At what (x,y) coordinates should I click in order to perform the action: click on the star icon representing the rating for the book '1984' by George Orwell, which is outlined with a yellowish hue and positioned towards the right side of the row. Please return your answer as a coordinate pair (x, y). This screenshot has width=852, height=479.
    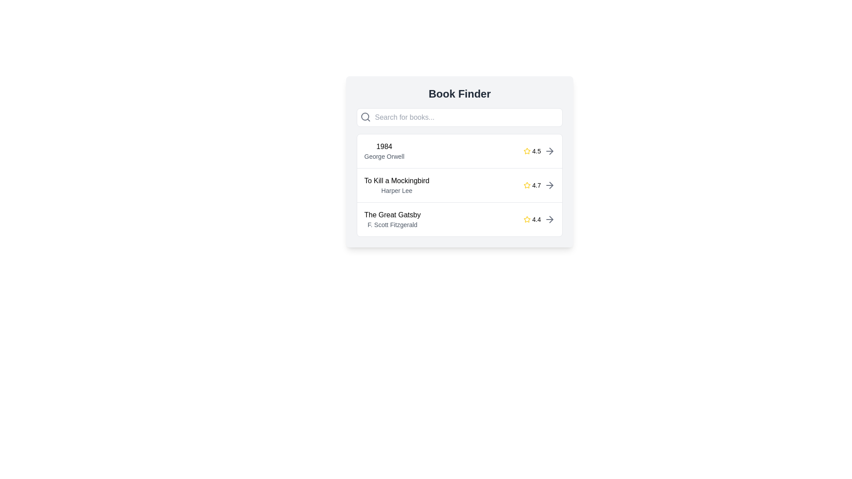
    Looking at the image, I should click on (527, 150).